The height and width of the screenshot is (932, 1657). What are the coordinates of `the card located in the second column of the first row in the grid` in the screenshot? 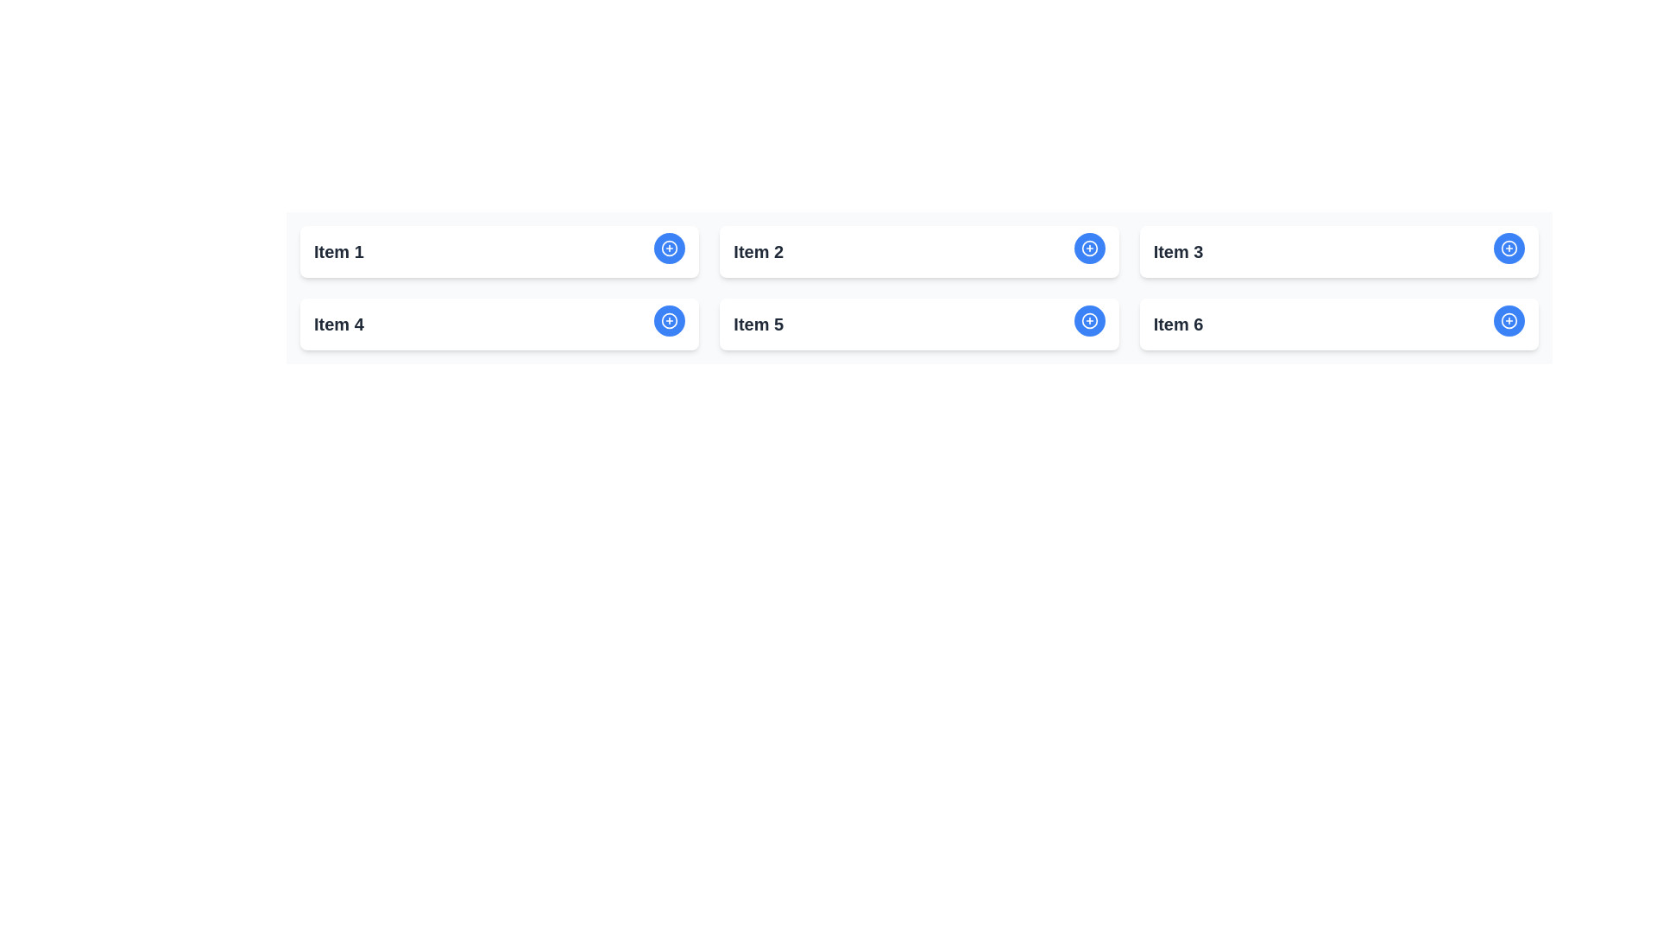 It's located at (918, 252).